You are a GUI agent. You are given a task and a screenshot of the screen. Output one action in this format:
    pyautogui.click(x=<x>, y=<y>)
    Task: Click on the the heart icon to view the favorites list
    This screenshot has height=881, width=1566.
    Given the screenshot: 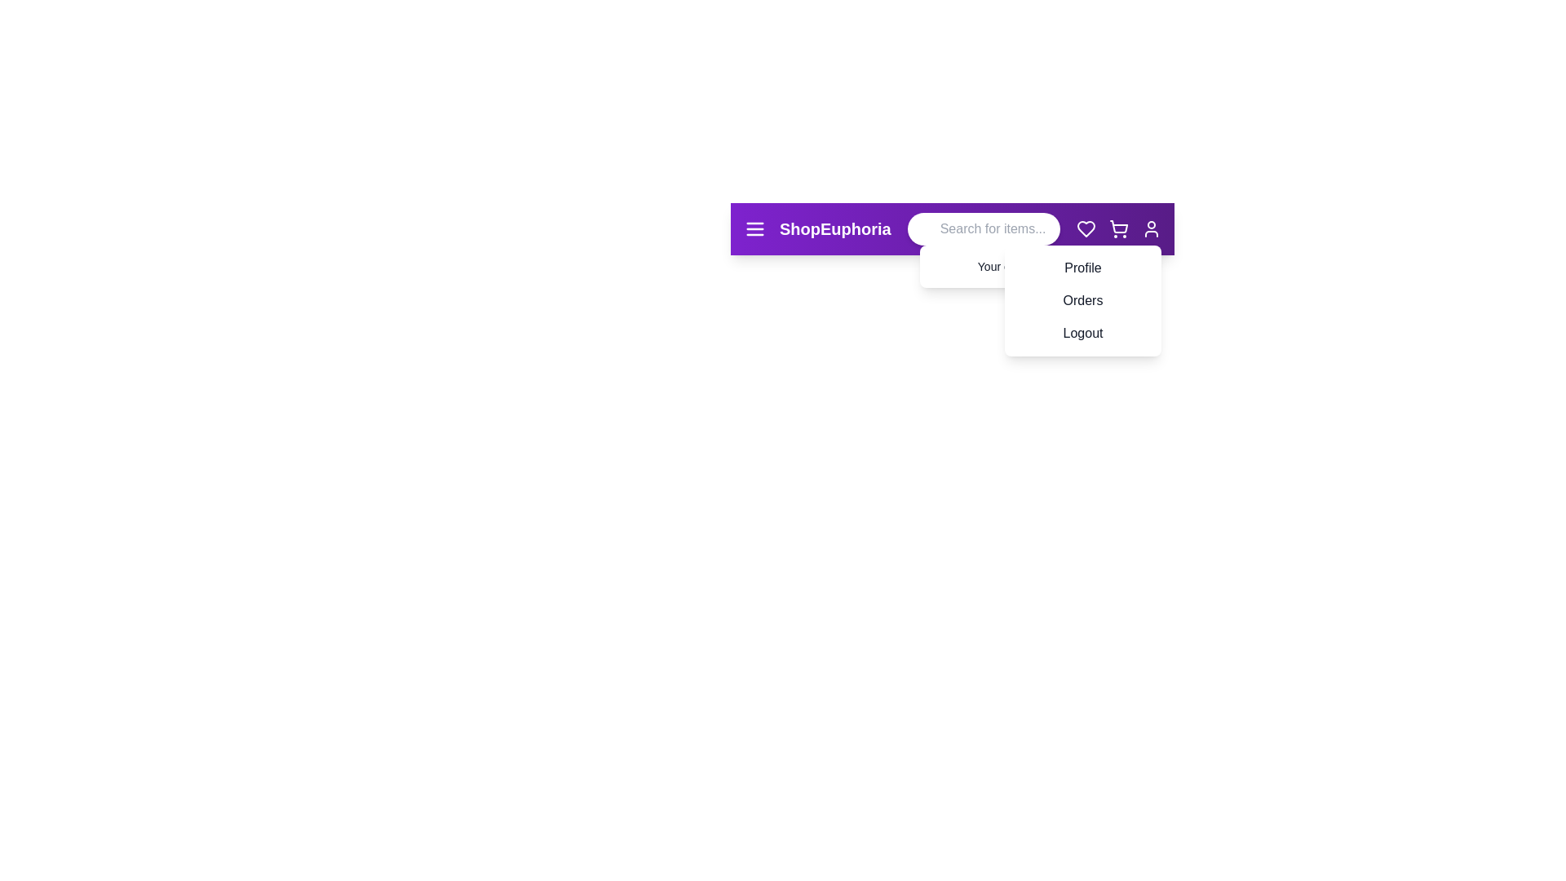 What is the action you would take?
    pyautogui.click(x=1086, y=229)
    